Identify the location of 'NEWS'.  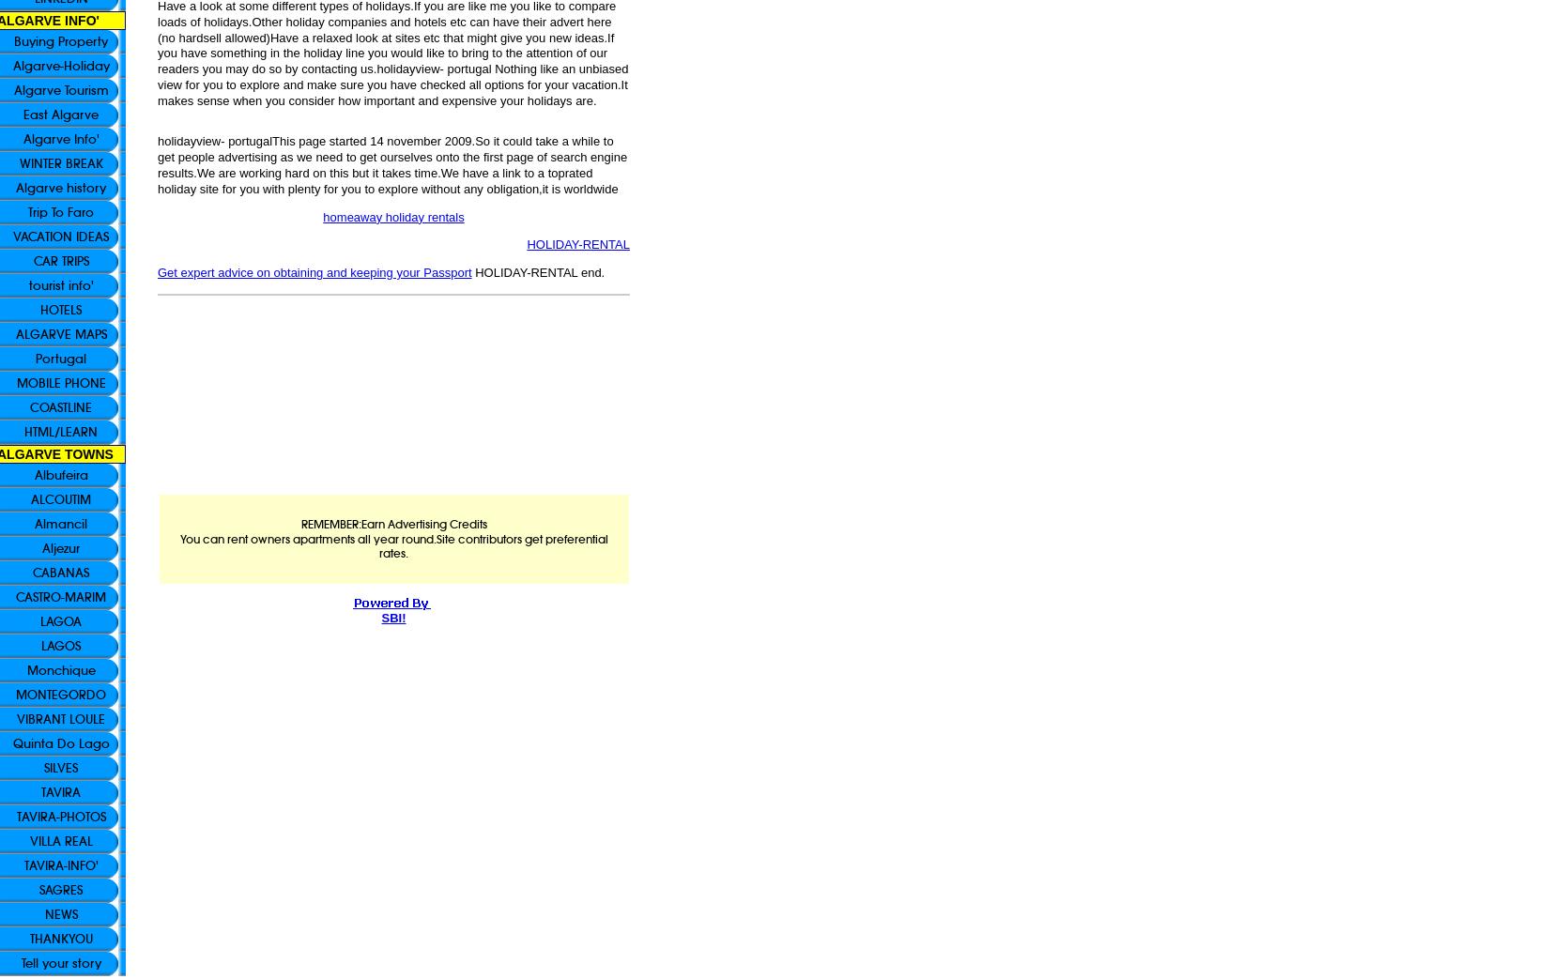
(44, 913).